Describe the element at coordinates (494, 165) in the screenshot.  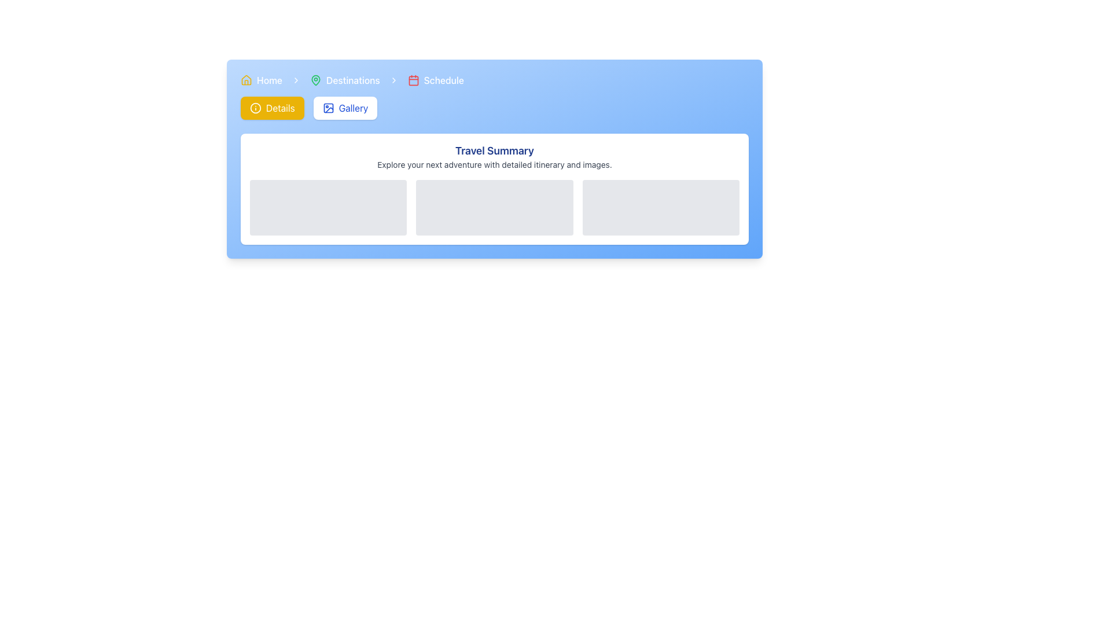
I see `the Text Label displaying 'Explore your next adventure with detailed itinerary and images.' located beneath the heading 'Travel Summary'` at that location.